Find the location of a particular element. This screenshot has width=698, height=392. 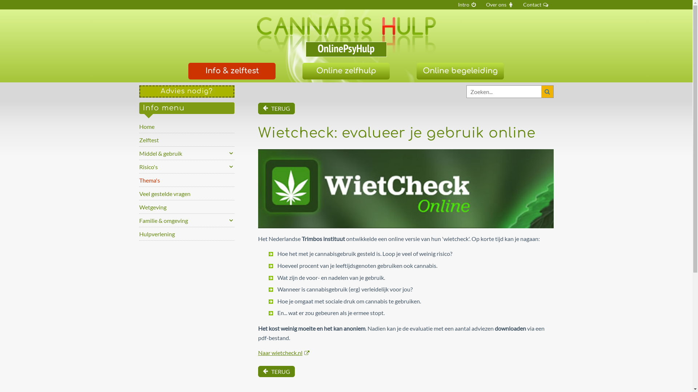

'Online begeleiding' is located at coordinates (460, 71).